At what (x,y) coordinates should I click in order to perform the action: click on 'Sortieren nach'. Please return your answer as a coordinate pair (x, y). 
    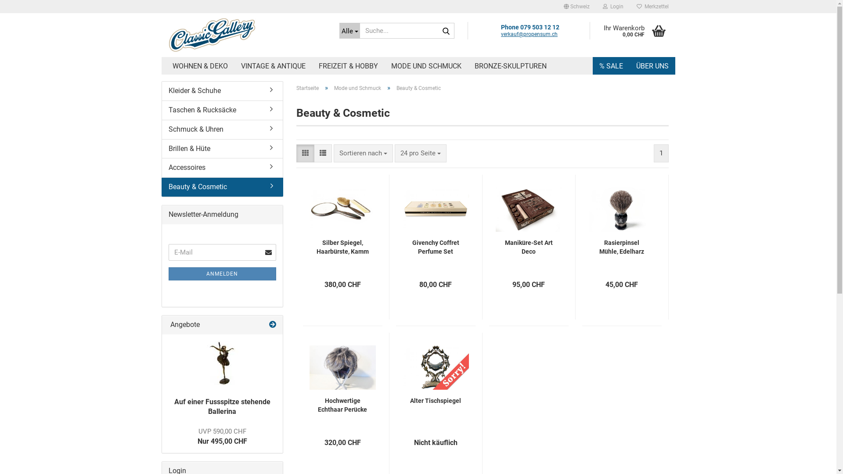
    Looking at the image, I should click on (363, 153).